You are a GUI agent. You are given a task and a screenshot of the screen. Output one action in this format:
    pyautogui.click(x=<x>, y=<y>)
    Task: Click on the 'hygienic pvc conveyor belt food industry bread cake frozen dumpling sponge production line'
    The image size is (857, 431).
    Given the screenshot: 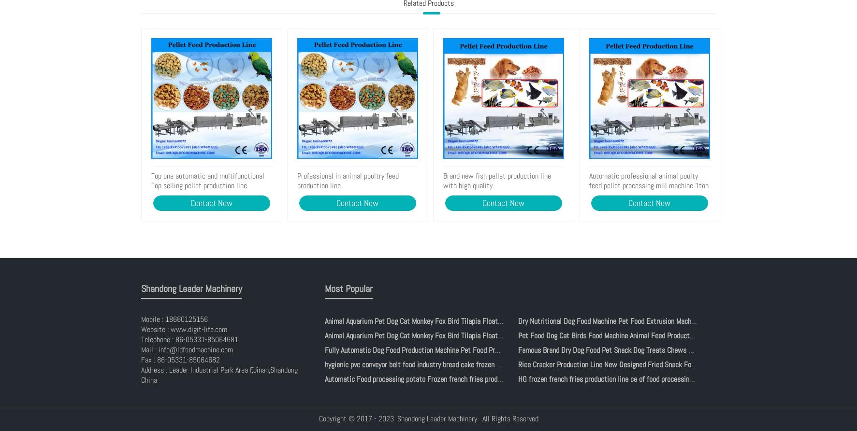 What is the action you would take?
    pyautogui.click(x=457, y=364)
    